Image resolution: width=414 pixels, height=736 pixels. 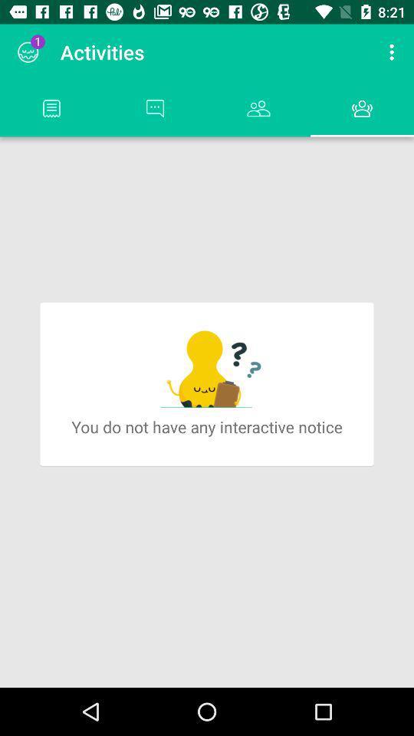 I want to click on the item to the left of activities icon, so click(x=28, y=52).